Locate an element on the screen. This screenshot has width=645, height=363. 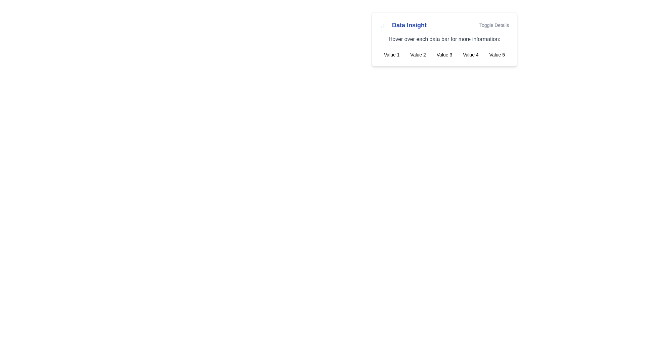
the text label displaying 'Value 3', which is positioned within the 'Data Insight' panel and is the third element in sequence between 'Value 2' and 'Value 4' is located at coordinates (444, 54).